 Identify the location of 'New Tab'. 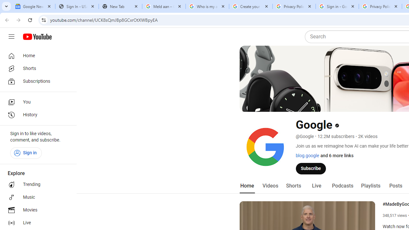
(120, 6).